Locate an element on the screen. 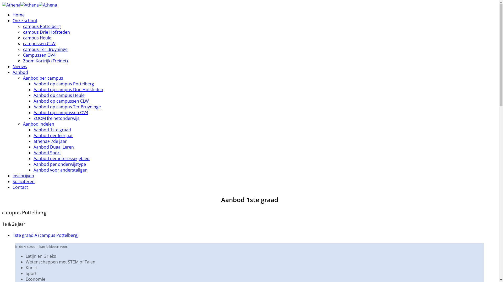  'Aanbod voor anderstaligen' is located at coordinates (60, 170).